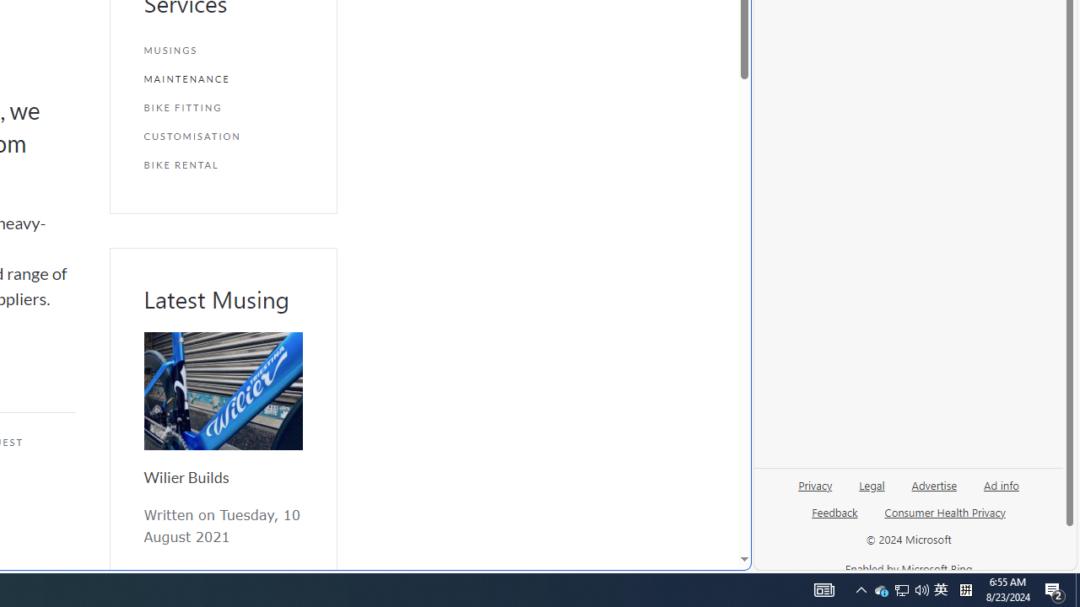  Describe the element at coordinates (815, 484) in the screenshot. I see `'Privacy'` at that location.